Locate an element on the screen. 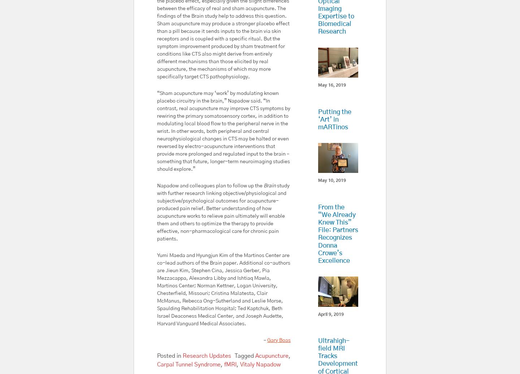 The height and width of the screenshot is (374, 520). 'Putting the ‘Art’ in mARTinos' is located at coordinates (334, 119).